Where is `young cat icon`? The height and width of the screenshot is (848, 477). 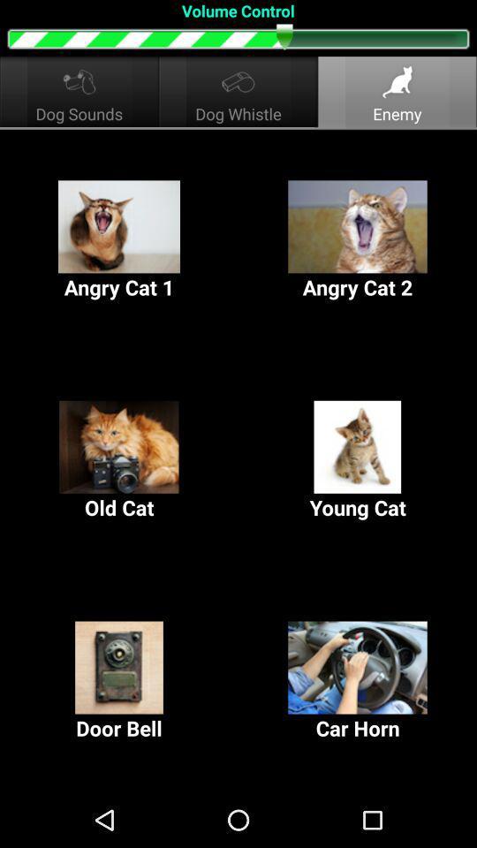 young cat icon is located at coordinates (358, 460).